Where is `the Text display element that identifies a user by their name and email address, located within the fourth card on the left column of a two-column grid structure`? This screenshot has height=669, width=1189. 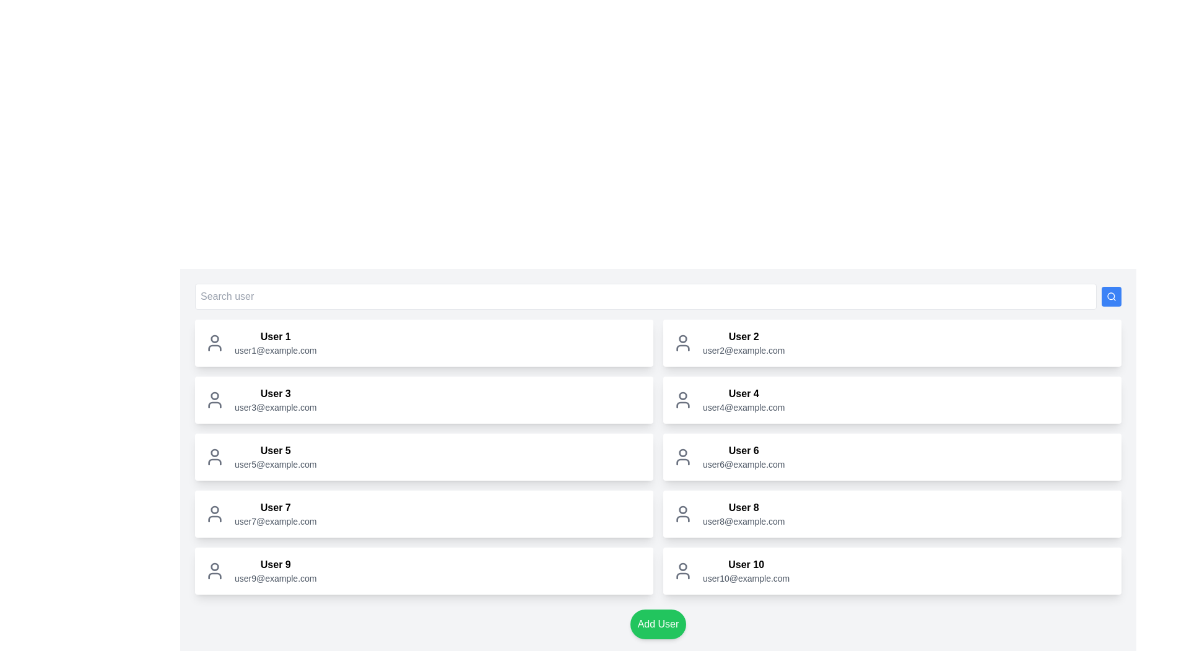 the Text display element that identifies a user by their name and email address, located within the fourth card on the left column of a two-column grid structure is located at coordinates (275, 514).